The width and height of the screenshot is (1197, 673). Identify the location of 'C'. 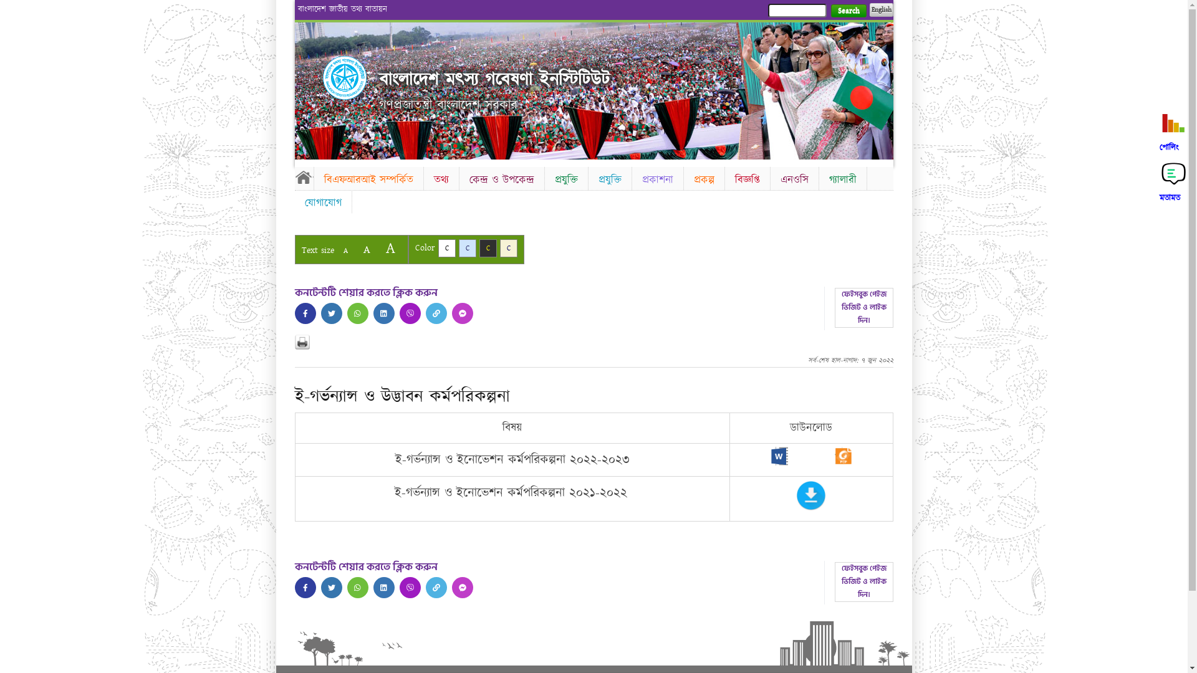
(509, 248).